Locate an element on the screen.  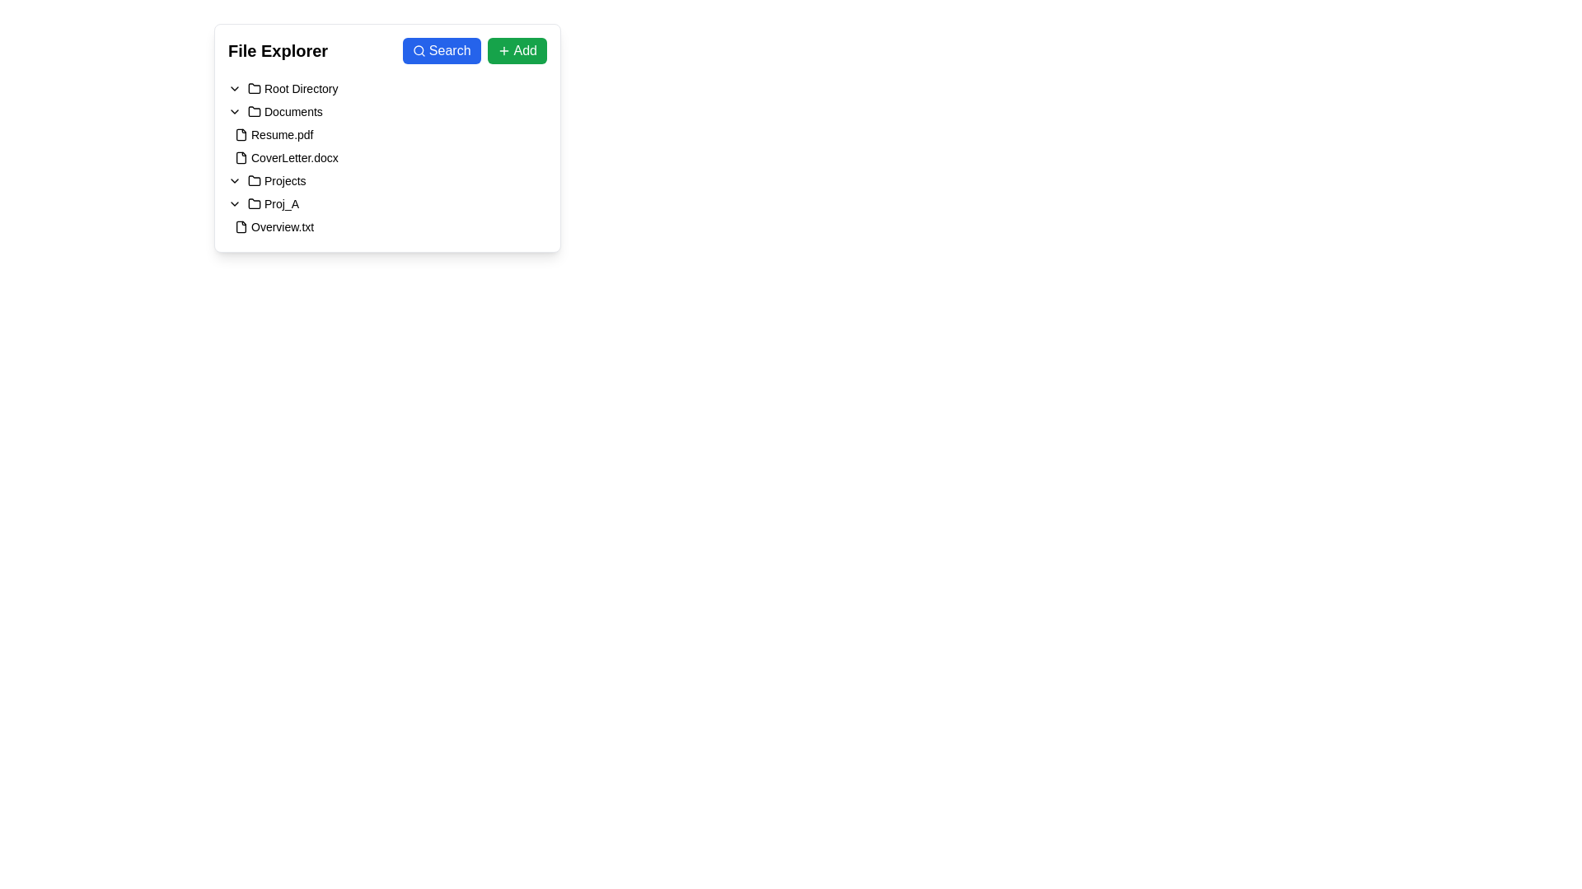
the file entry represented by the file icon for 'Resume.pdf' in the file explorer interface is located at coordinates (240, 134).